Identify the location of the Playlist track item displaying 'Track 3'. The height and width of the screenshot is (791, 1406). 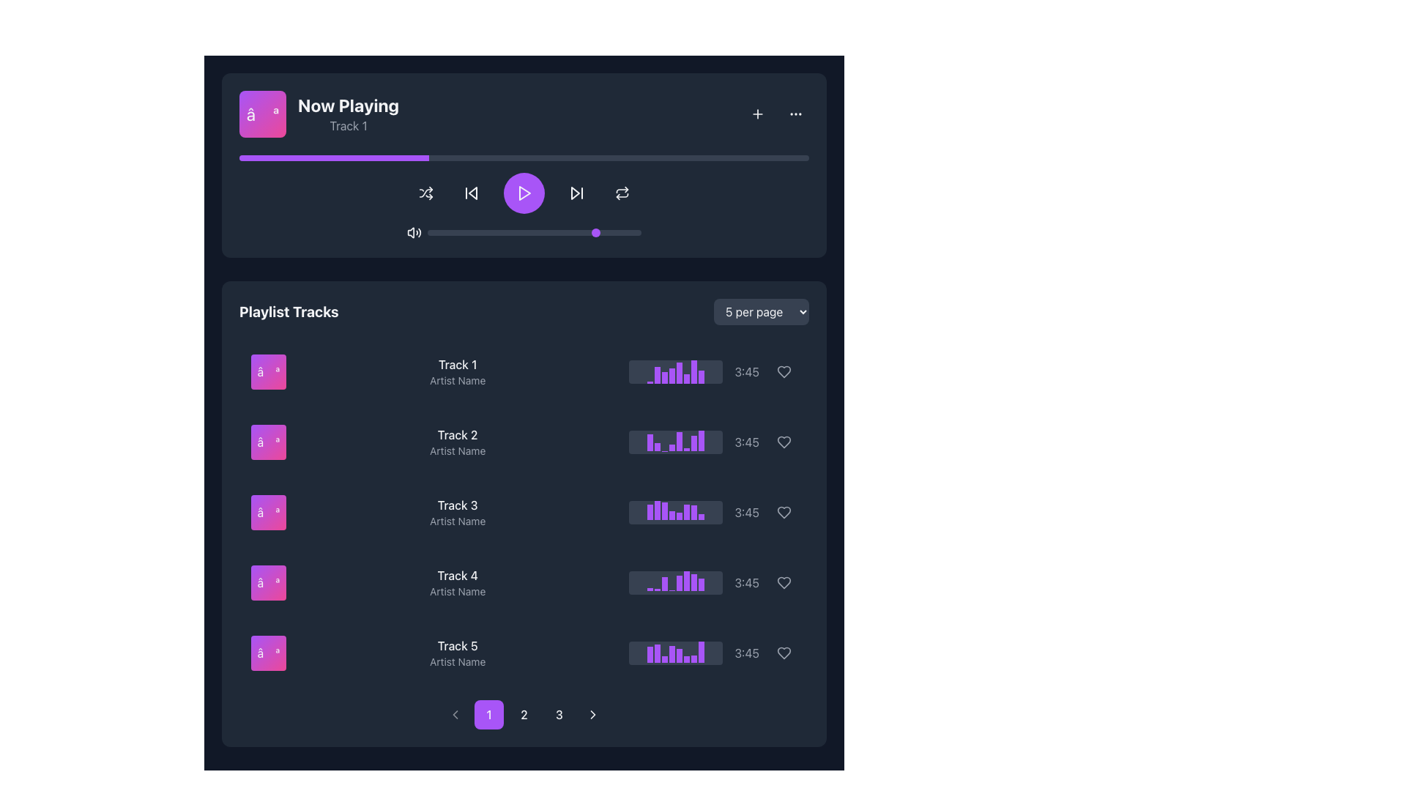
(524, 511).